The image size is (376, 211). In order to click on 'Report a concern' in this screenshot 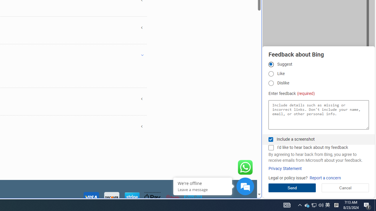, I will do `click(325, 178)`.